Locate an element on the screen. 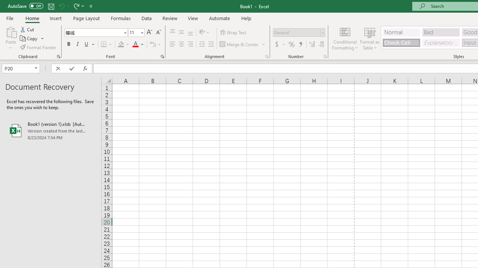 This screenshot has height=268, width=478. 'Font Size' is located at coordinates (134, 32).